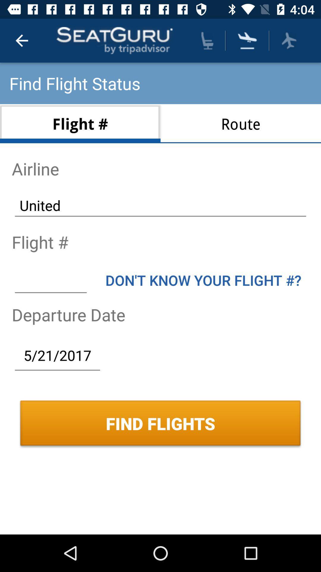 This screenshot has width=321, height=572. I want to click on the item below flight #, so click(50, 280).